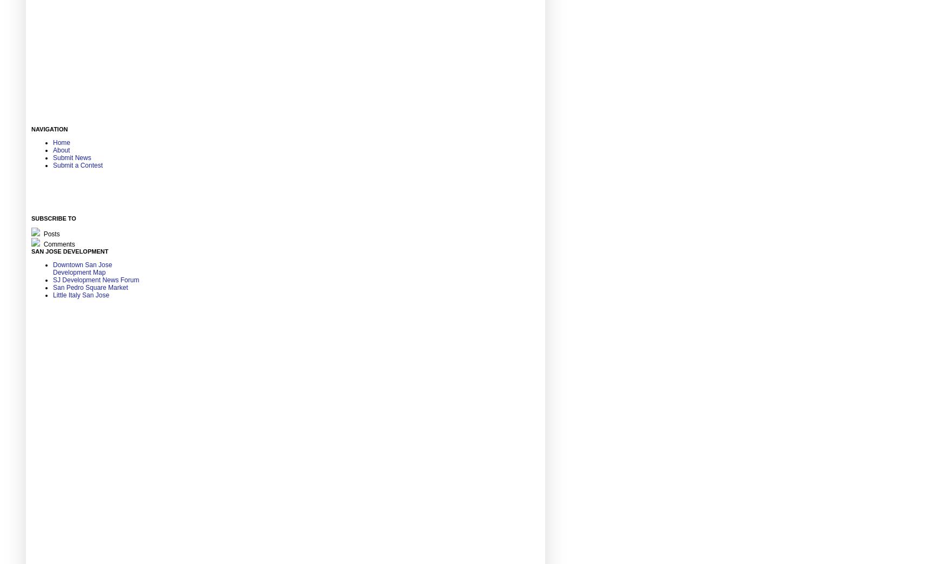 This screenshot has height=564, width=941. Describe the element at coordinates (95, 279) in the screenshot. I see `'SJ Development News Forum'` at that location.